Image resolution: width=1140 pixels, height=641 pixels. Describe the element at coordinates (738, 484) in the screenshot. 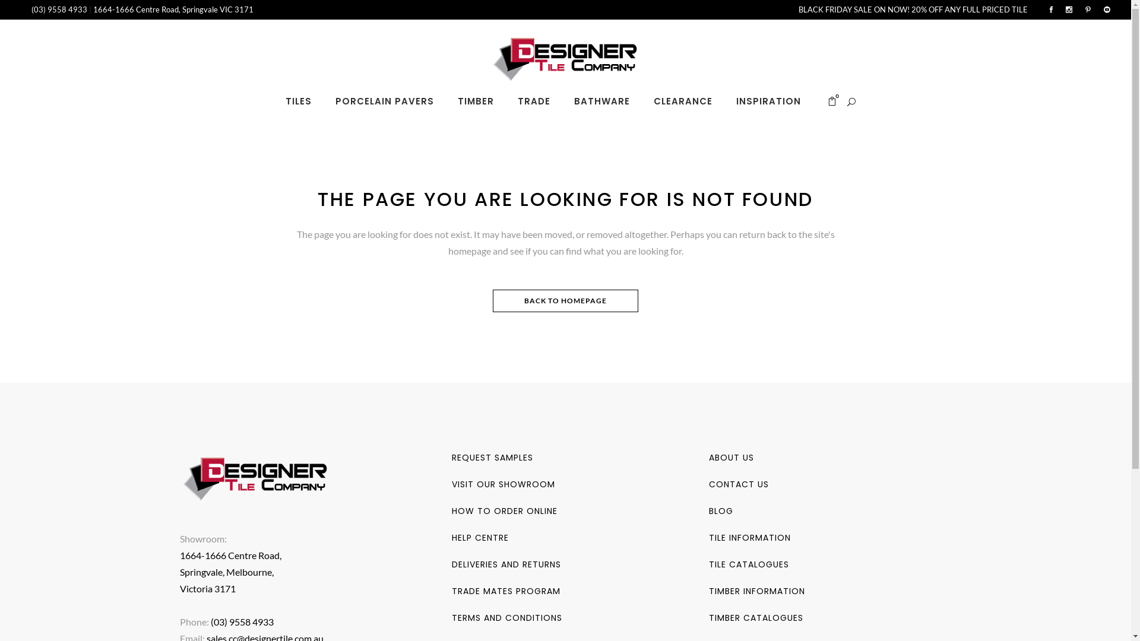

I see `'CONTACT US'` at that location.